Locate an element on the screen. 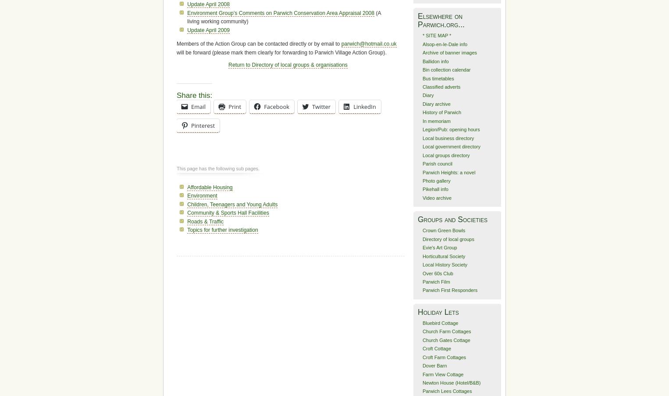 This screenshot has width=669, height=396. 'Members of the Action Group can be contacted directly or by email to' is located at coordinates (258, 44).